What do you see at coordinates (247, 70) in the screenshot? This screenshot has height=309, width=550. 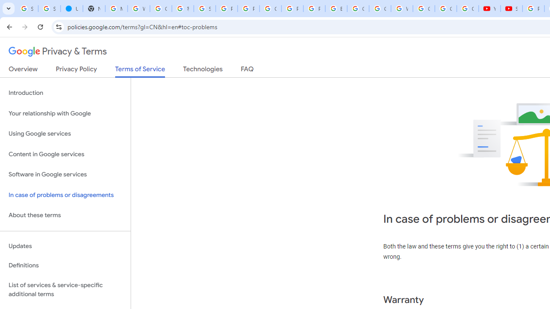 I see `'FAQ'` at bounding box center [247, 70].